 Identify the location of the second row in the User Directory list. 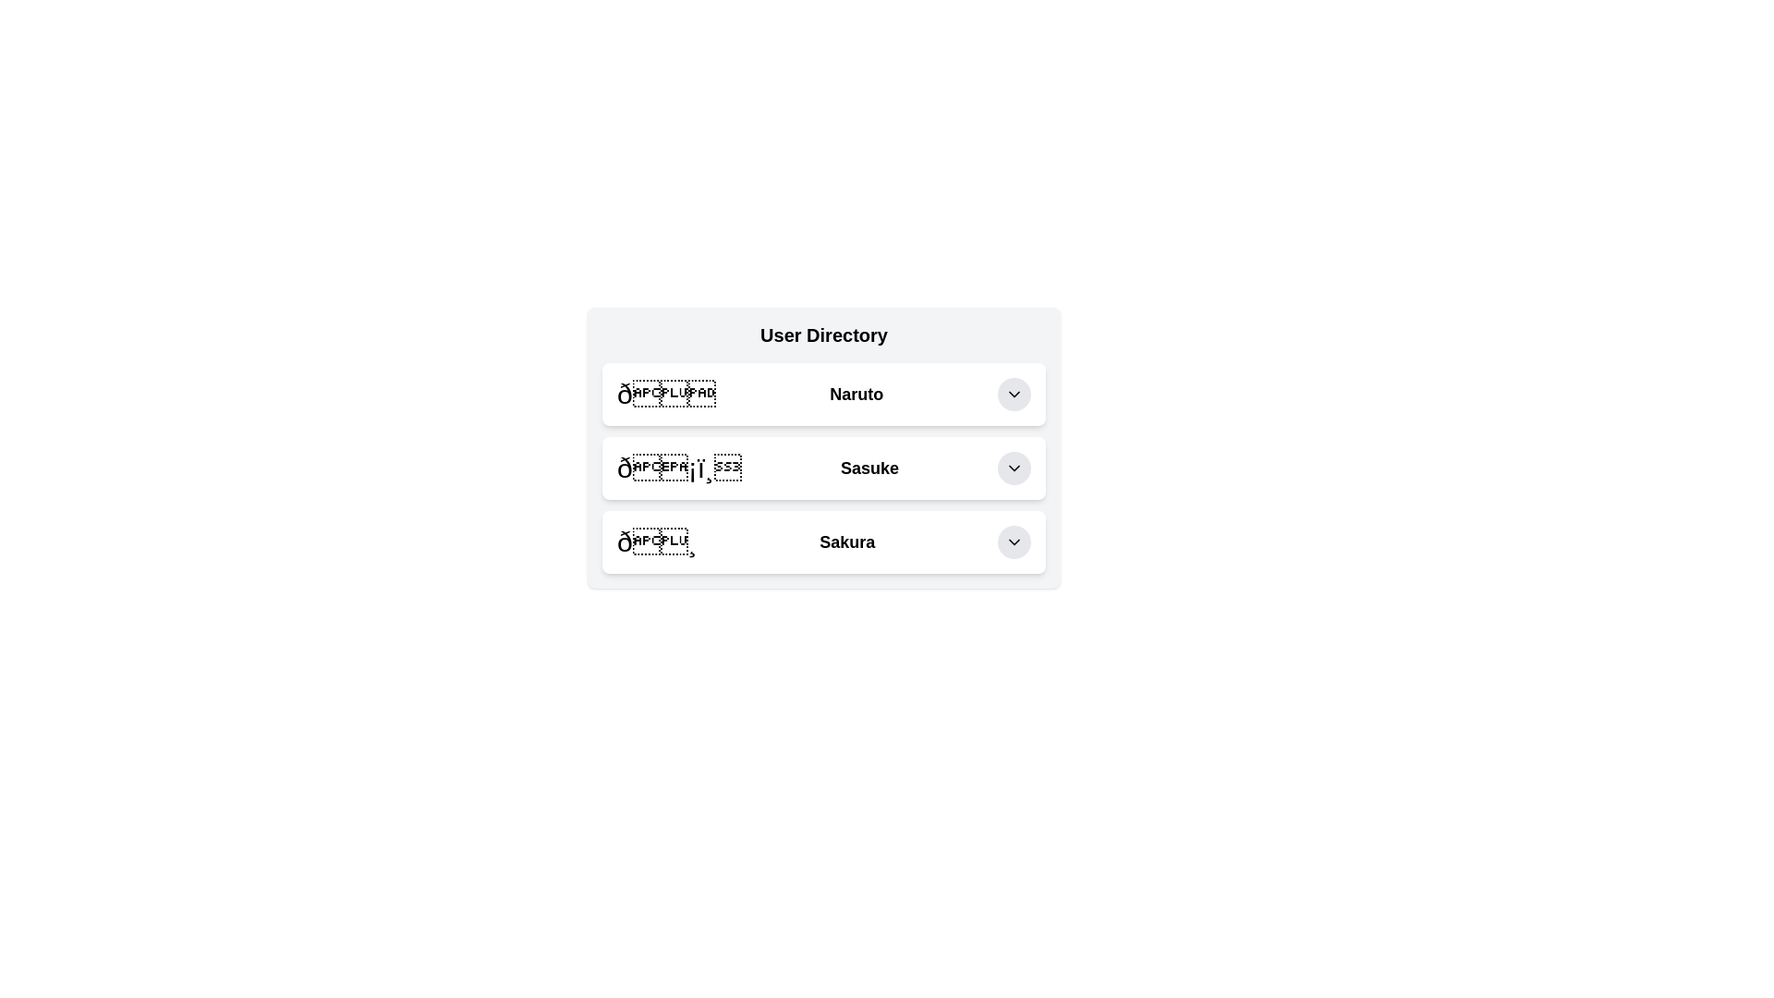
(823, 448).